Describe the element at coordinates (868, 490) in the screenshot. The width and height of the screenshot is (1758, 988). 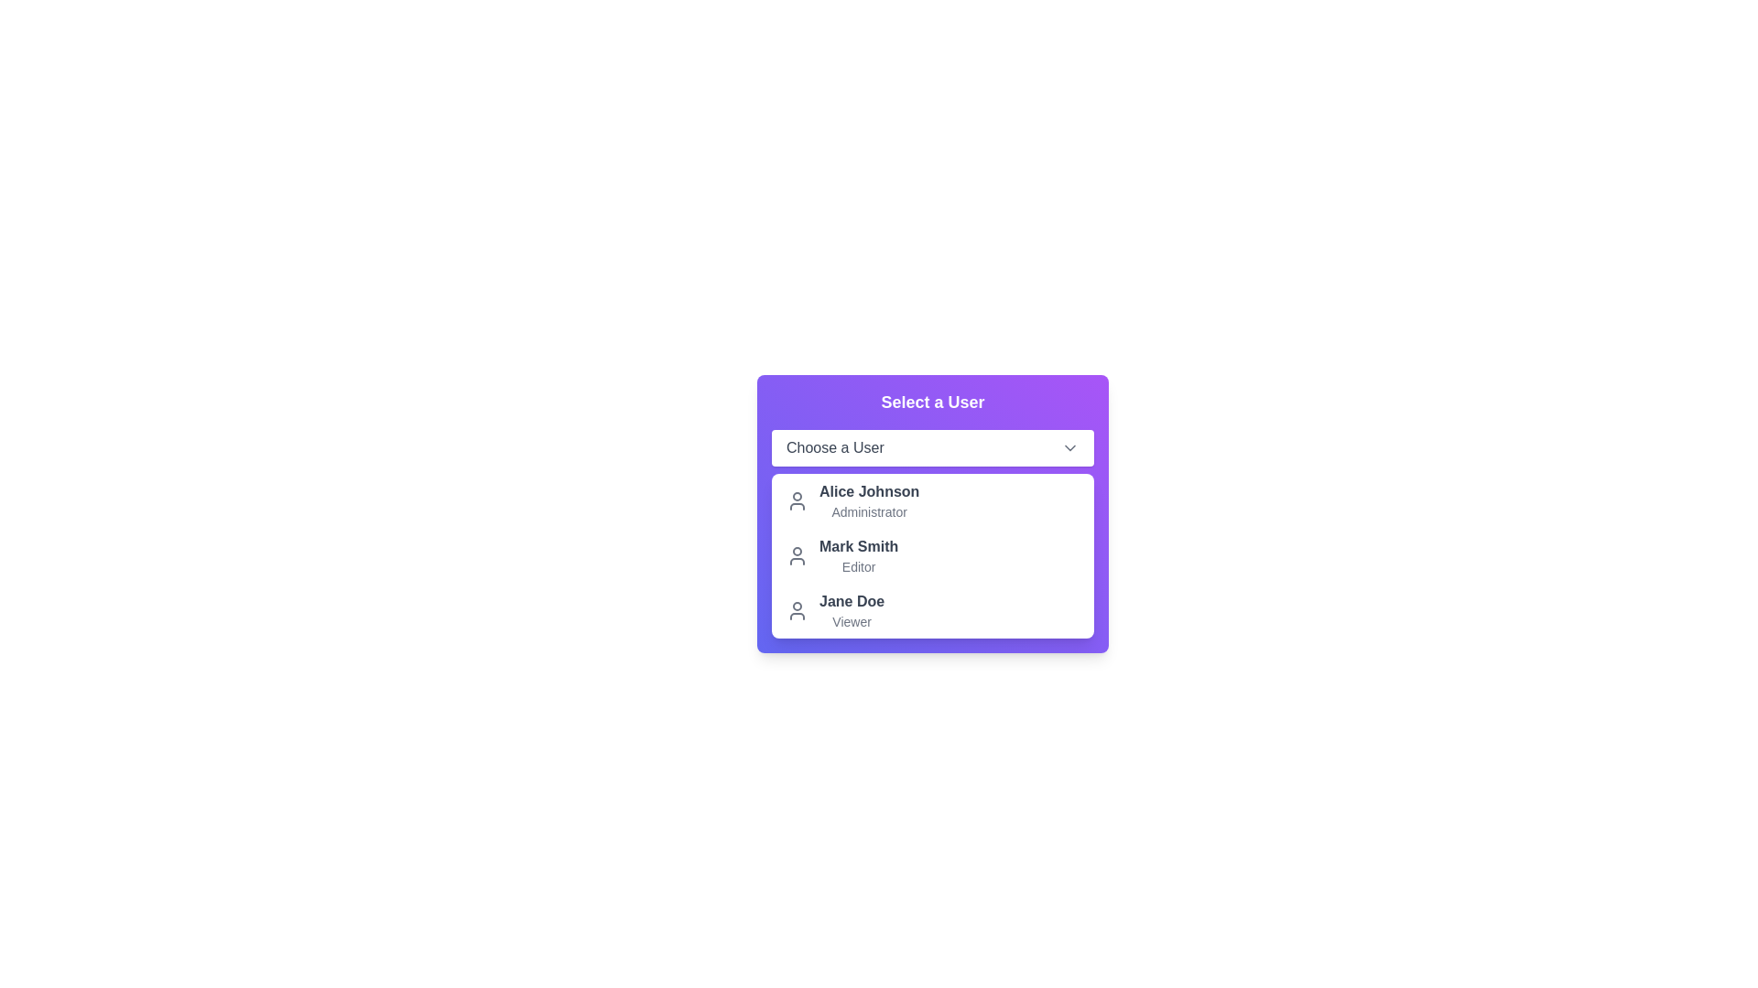
I see `the text element that identifies the user's name` at that location.